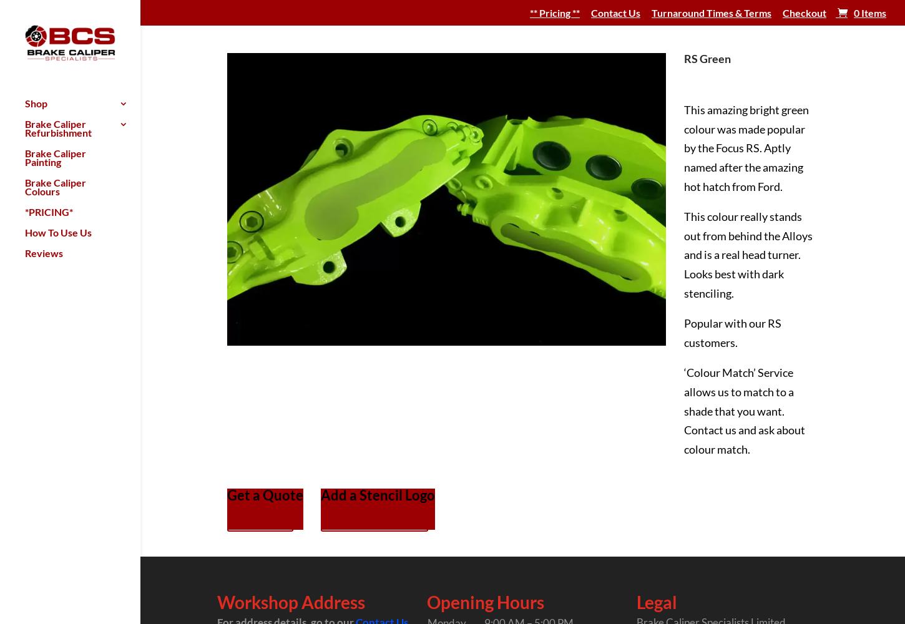 Image resolution: width=905 pixels, height=624 pixels. I want to click on 'Workshop Address', so click(290, 602).